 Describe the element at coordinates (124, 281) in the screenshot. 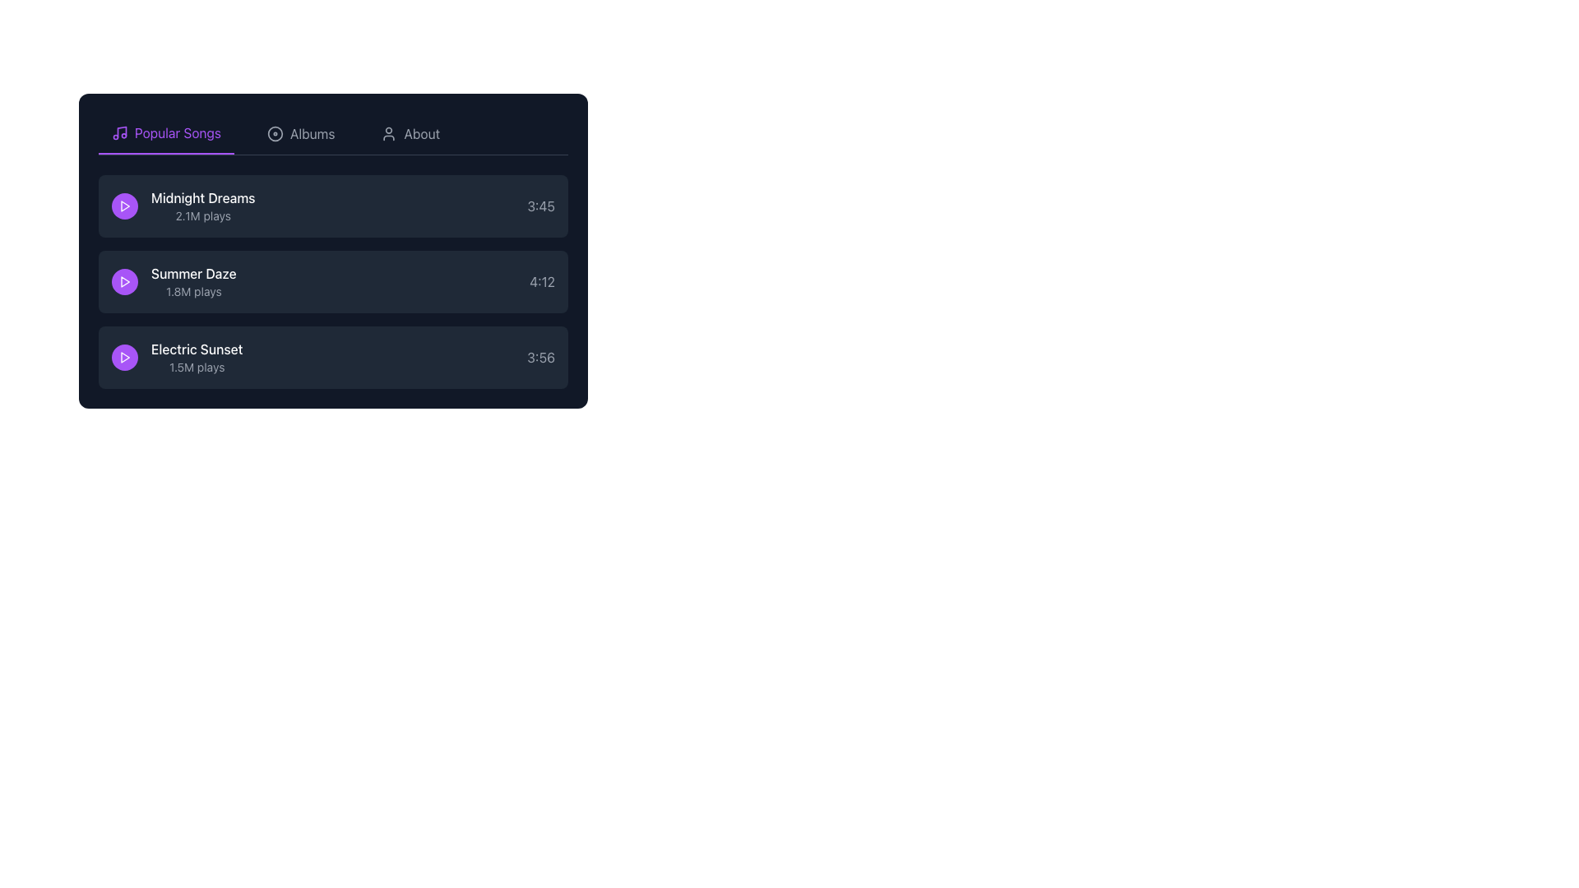

I see `the play button for the 'Summer Daze' song` at that location.